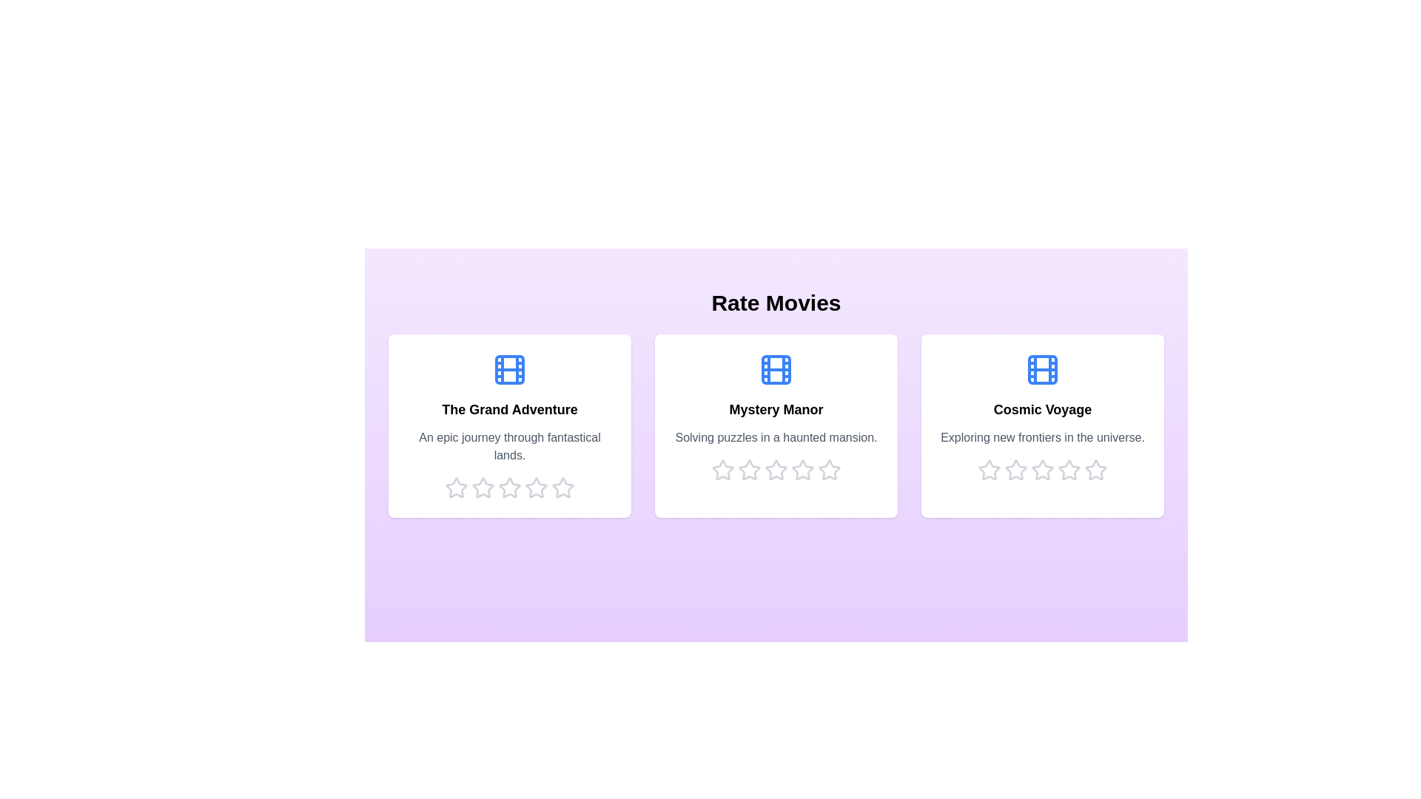  I want to click on the movie card titled 'Mystery Manor' to view its hover effect, so click(776, 425).